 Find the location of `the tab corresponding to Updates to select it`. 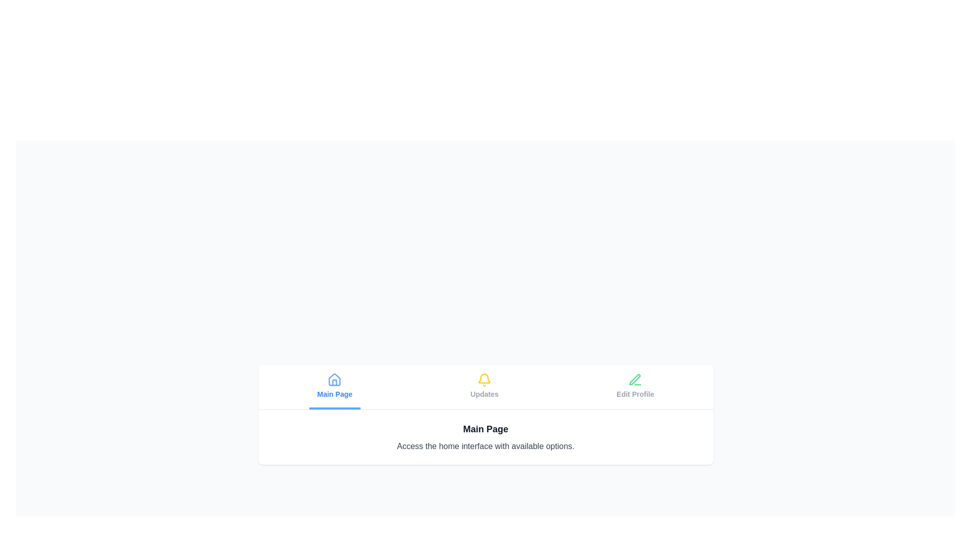

the tab corresponding to Updates to select it is located at coordinates (484, 387).